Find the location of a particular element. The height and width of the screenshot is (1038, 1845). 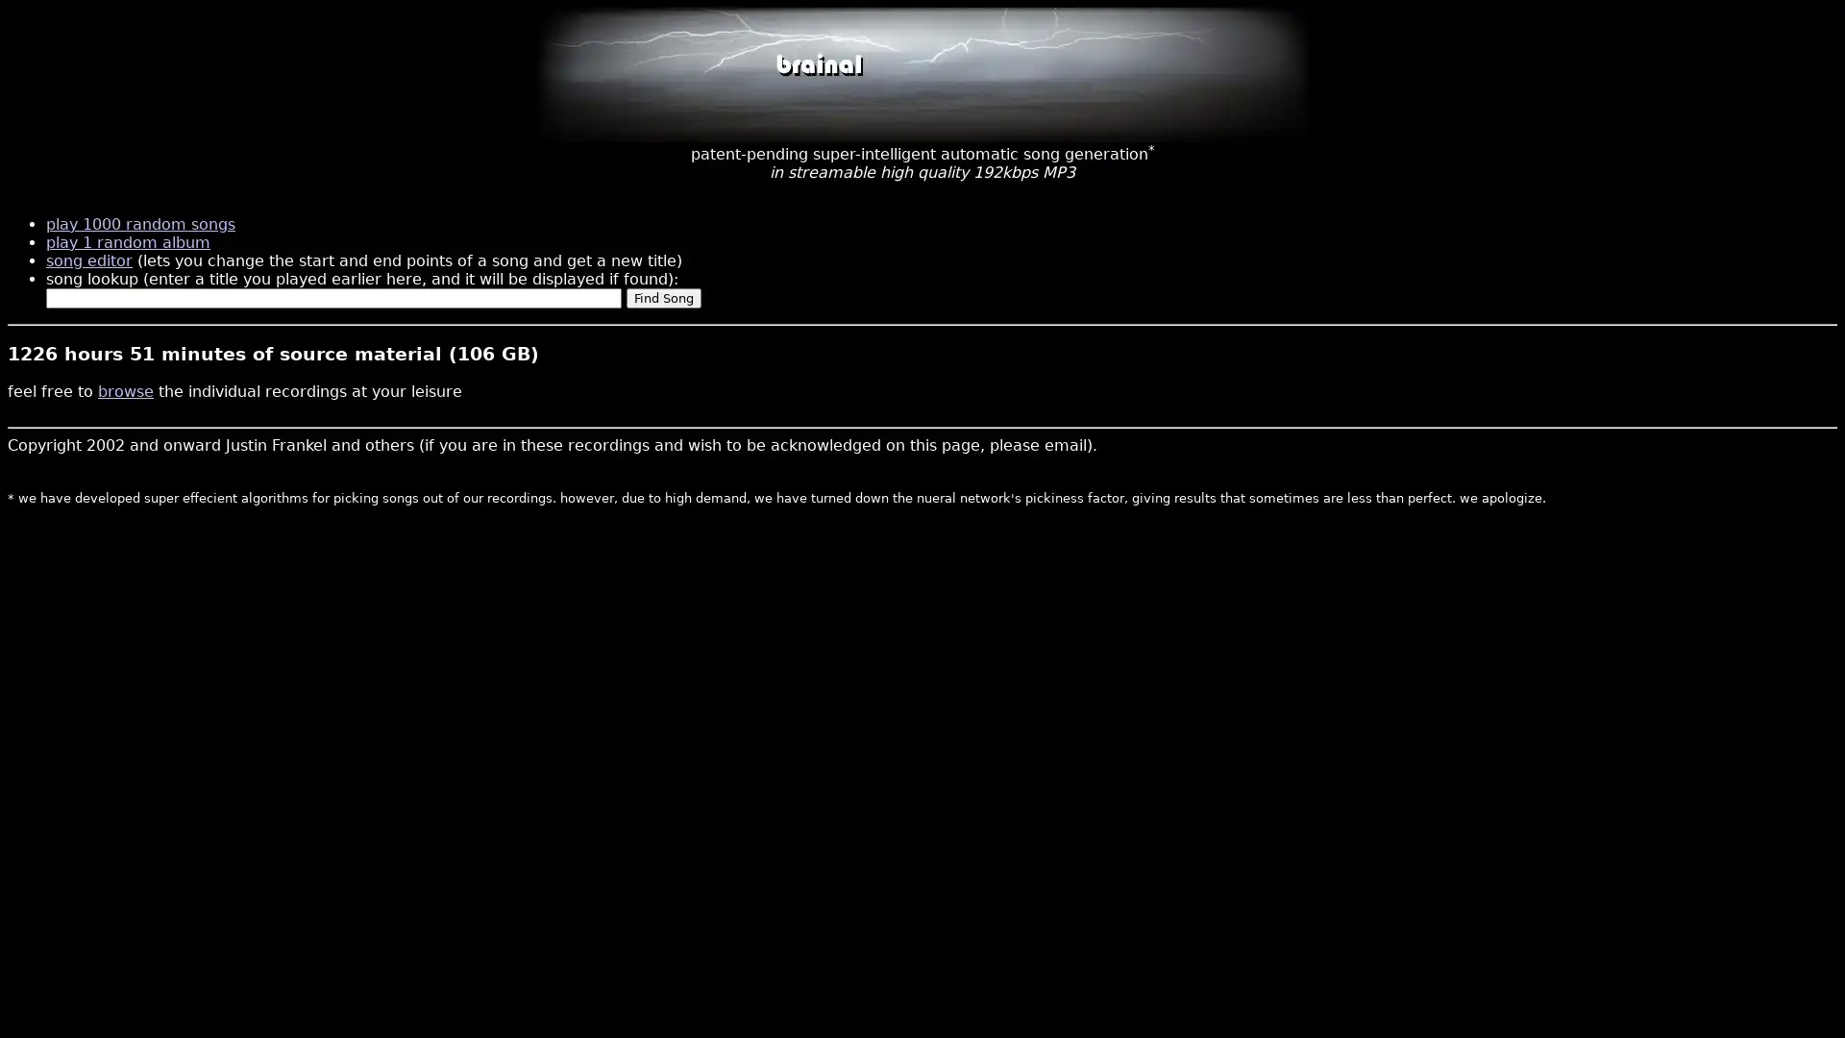

Find Song is located at coordinates (664, 298).